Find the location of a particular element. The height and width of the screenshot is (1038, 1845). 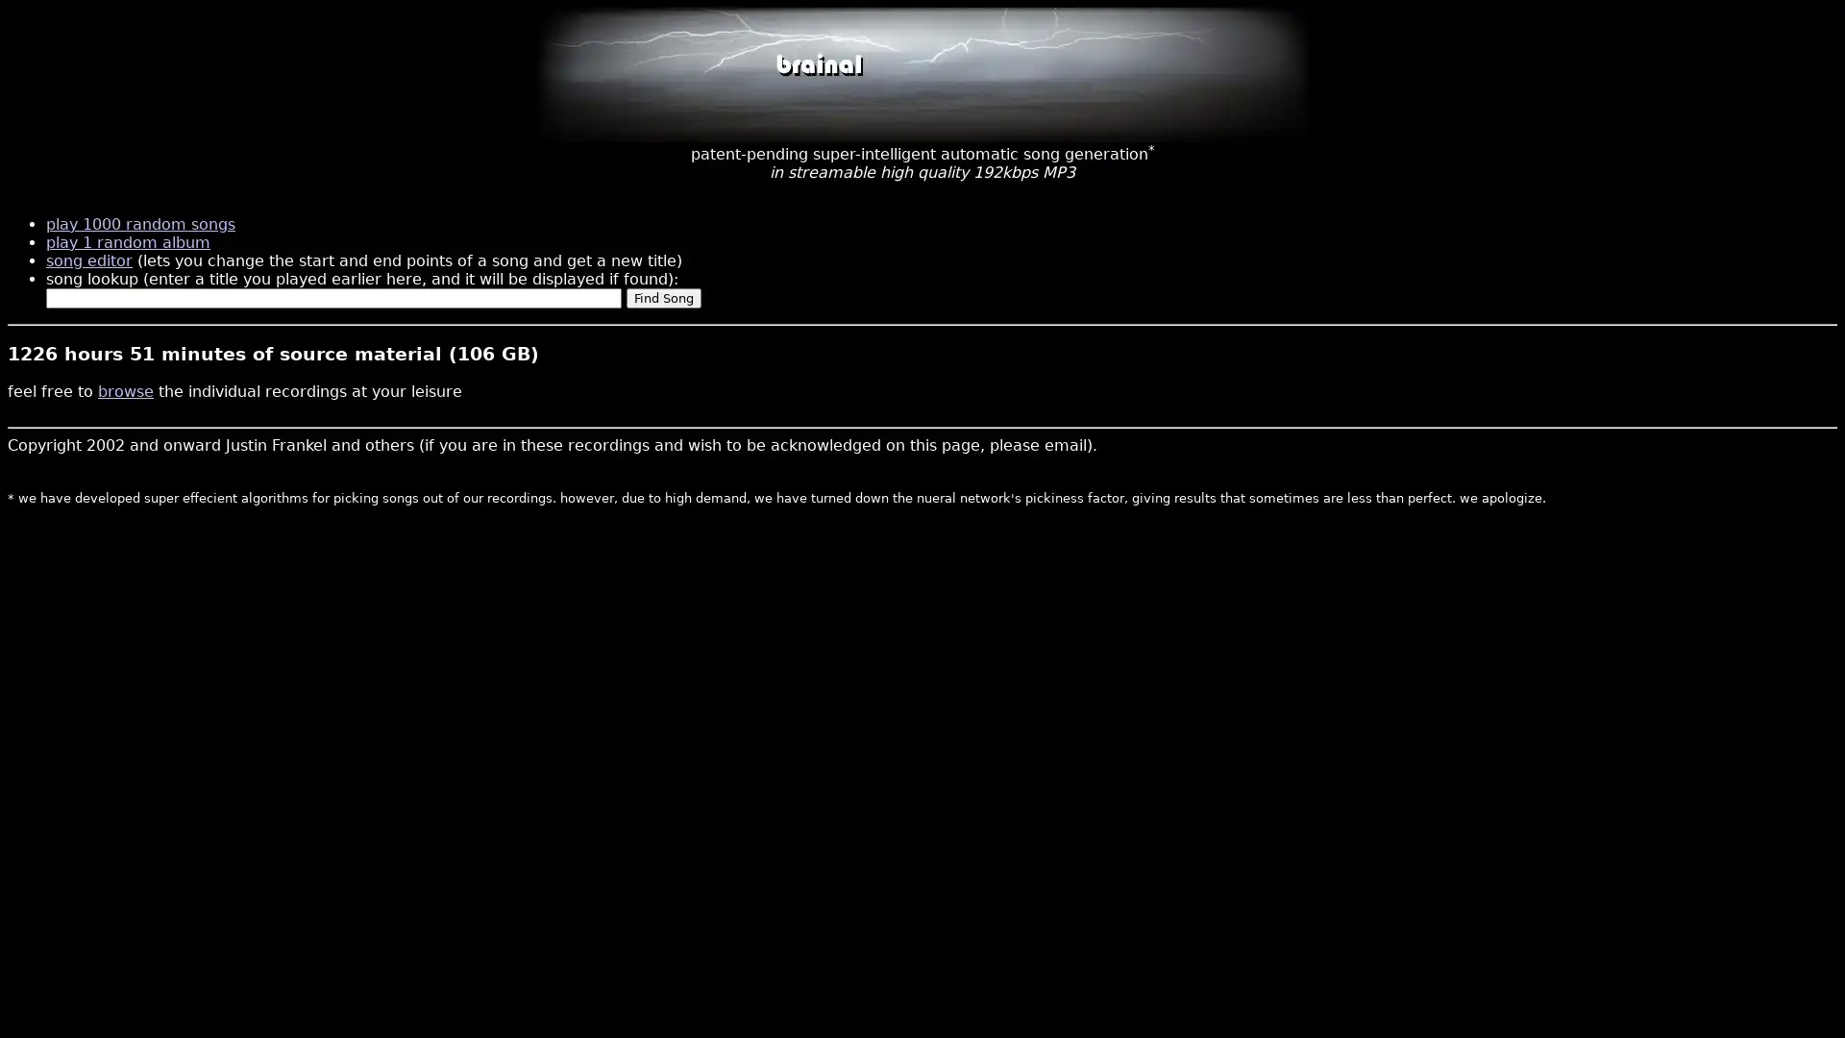

Find Song is located at coordinates (664, 298).